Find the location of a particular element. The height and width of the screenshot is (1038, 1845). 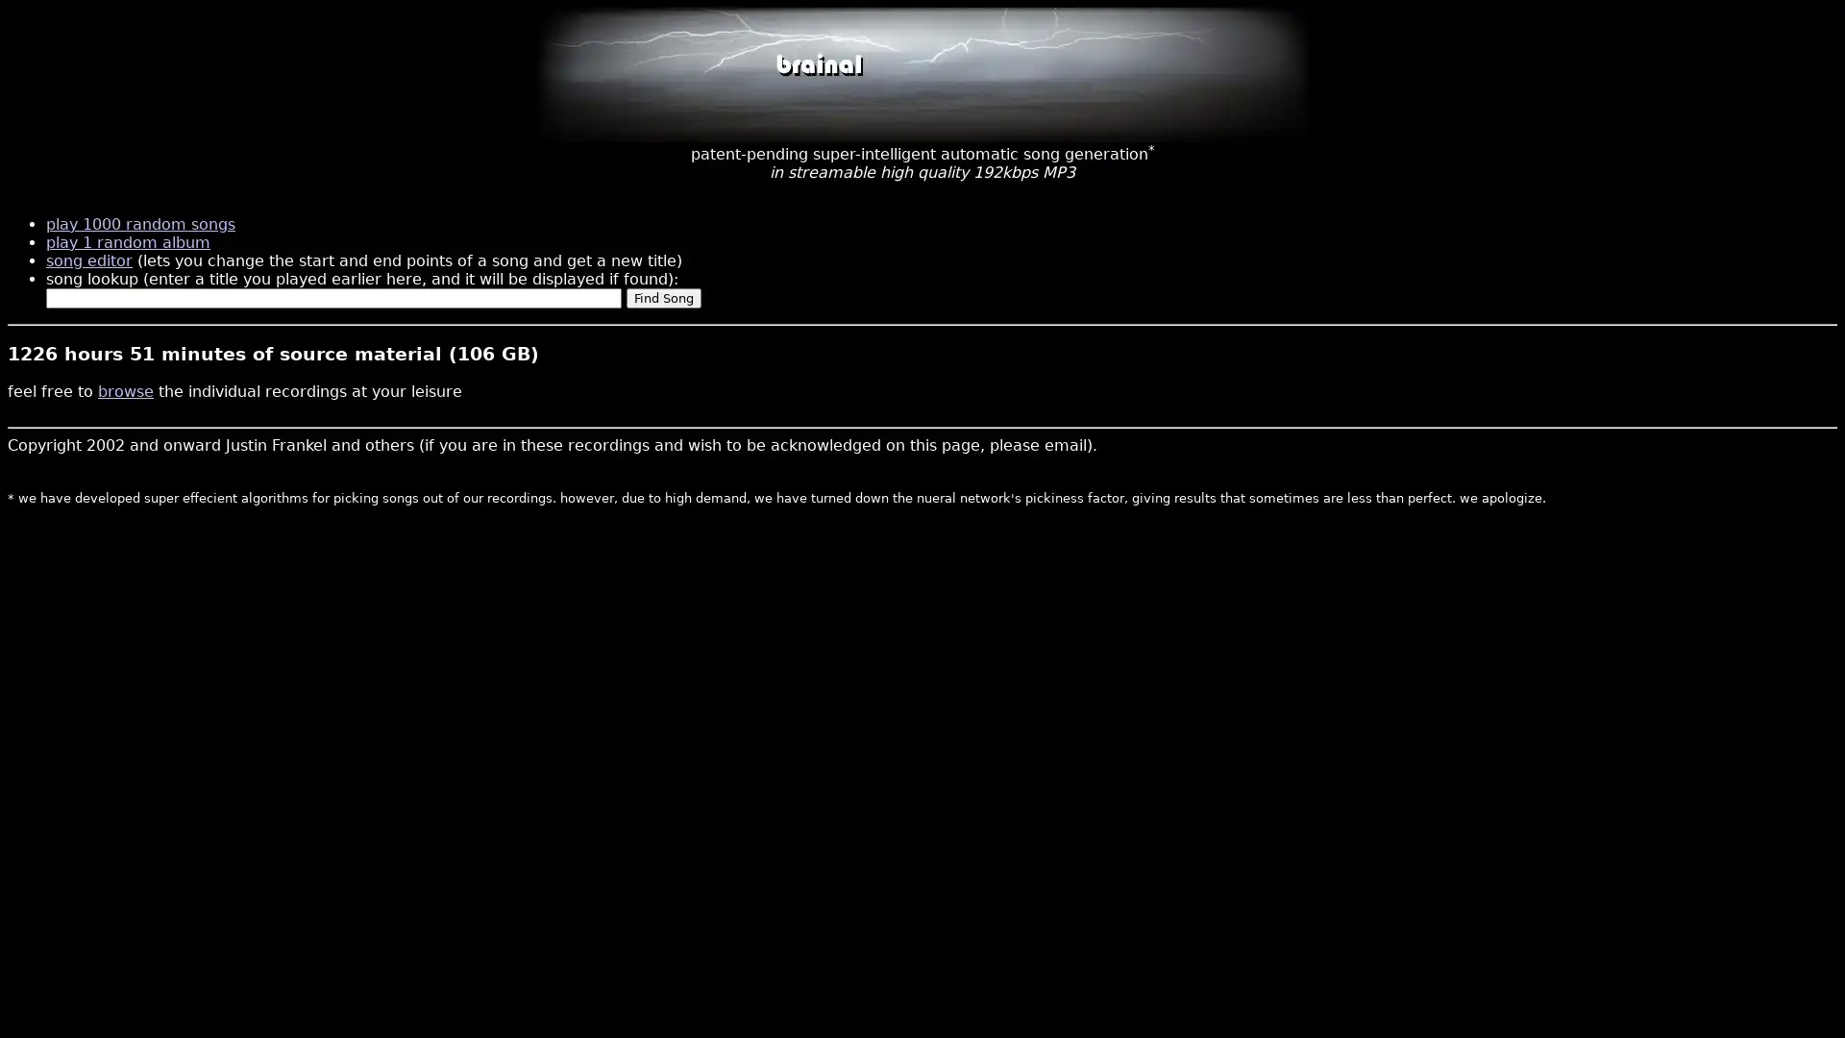

Find Song is located at coordinates (664, 298).